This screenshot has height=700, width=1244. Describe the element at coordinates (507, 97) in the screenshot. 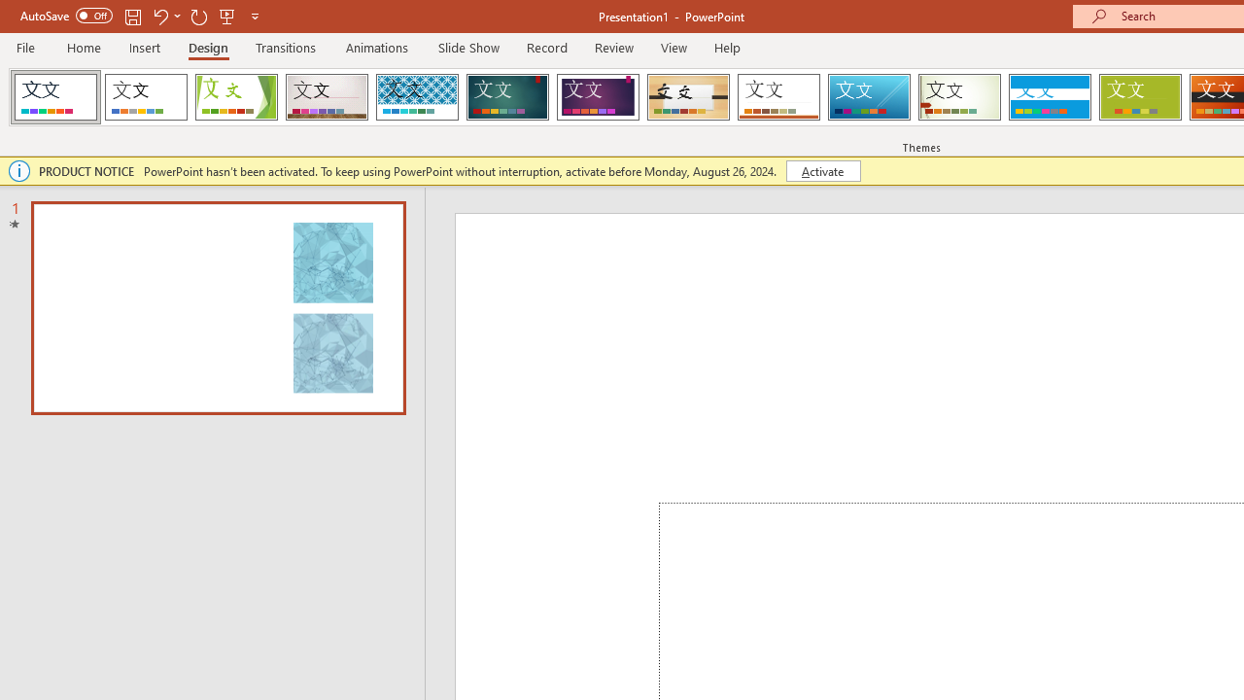

I see `'Ion'` at that location.